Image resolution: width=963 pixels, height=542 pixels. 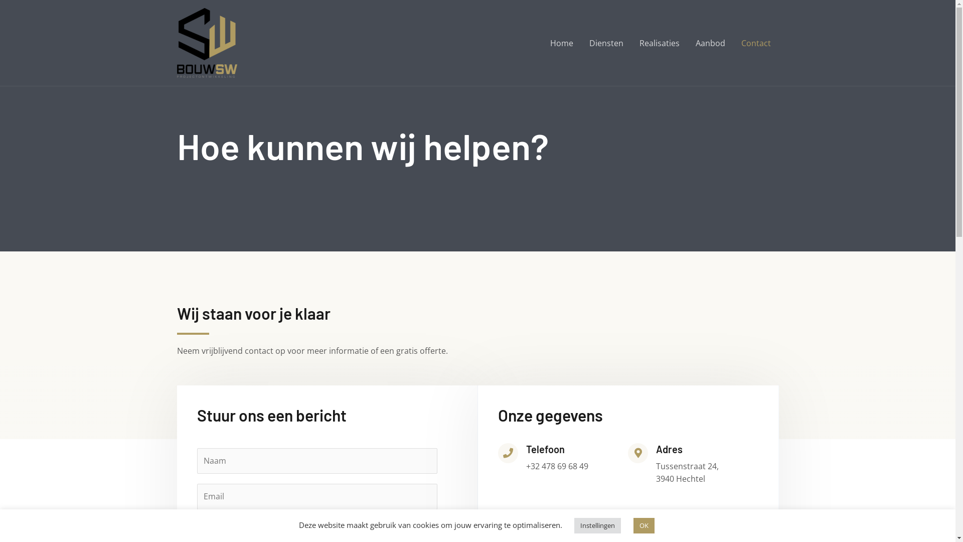 What do you see at coordinates (756, 42) in the screenshot?
I see `'Contact'` at bounding box center [756, 42].